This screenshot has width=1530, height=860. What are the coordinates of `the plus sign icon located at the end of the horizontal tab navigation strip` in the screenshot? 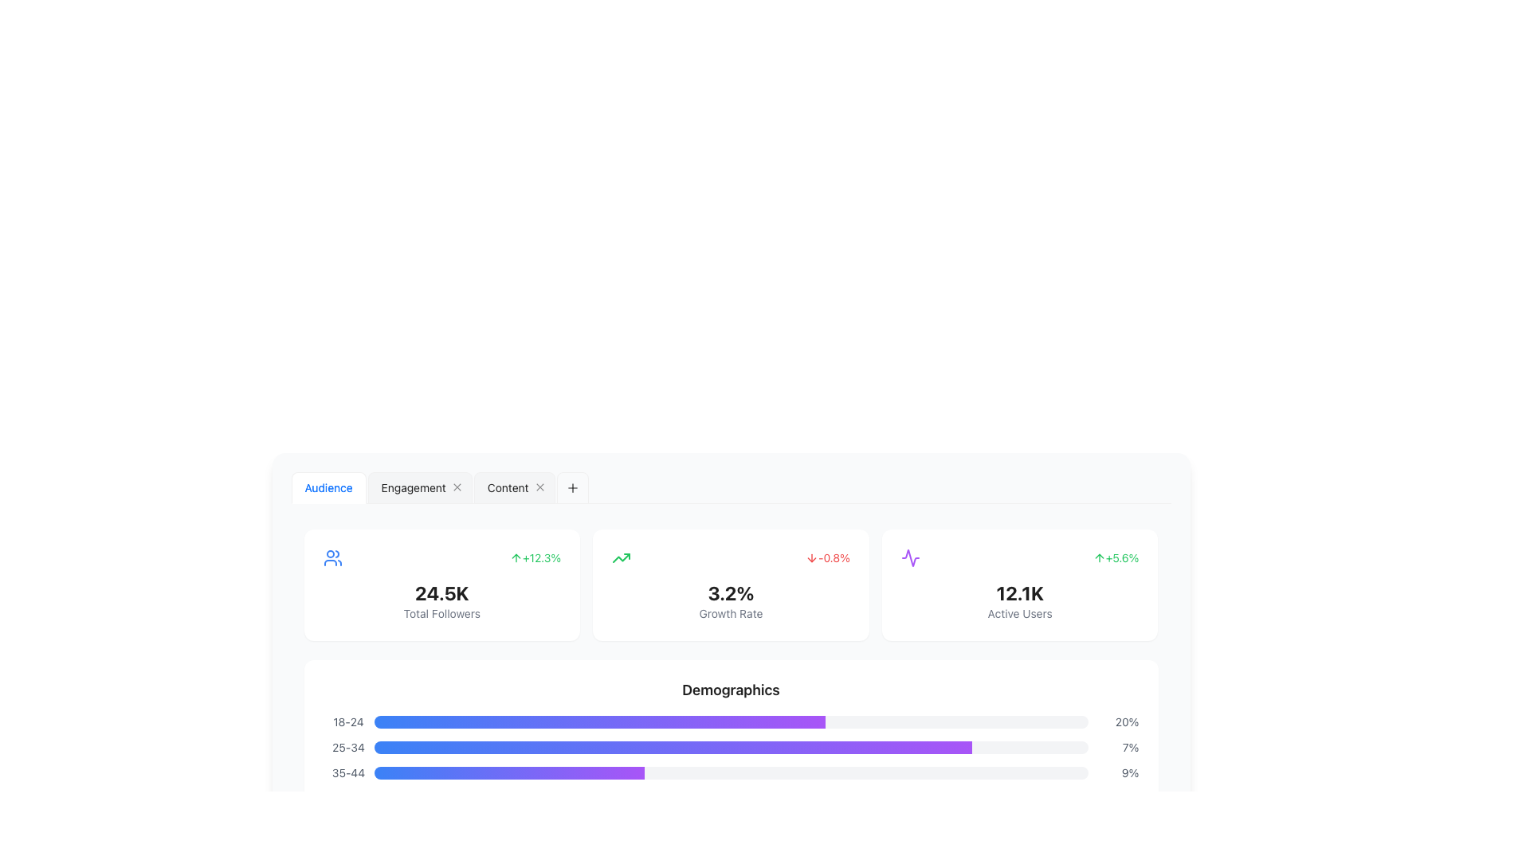 It's located at (572, 487).